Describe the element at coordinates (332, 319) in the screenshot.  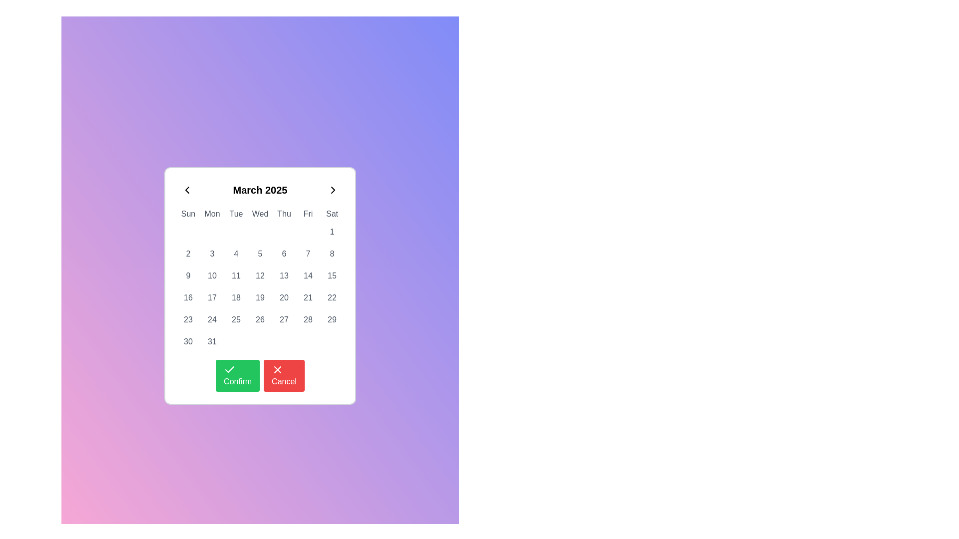
I see `the rounded rectangle calendar date cell containing the text '29'` at that location.